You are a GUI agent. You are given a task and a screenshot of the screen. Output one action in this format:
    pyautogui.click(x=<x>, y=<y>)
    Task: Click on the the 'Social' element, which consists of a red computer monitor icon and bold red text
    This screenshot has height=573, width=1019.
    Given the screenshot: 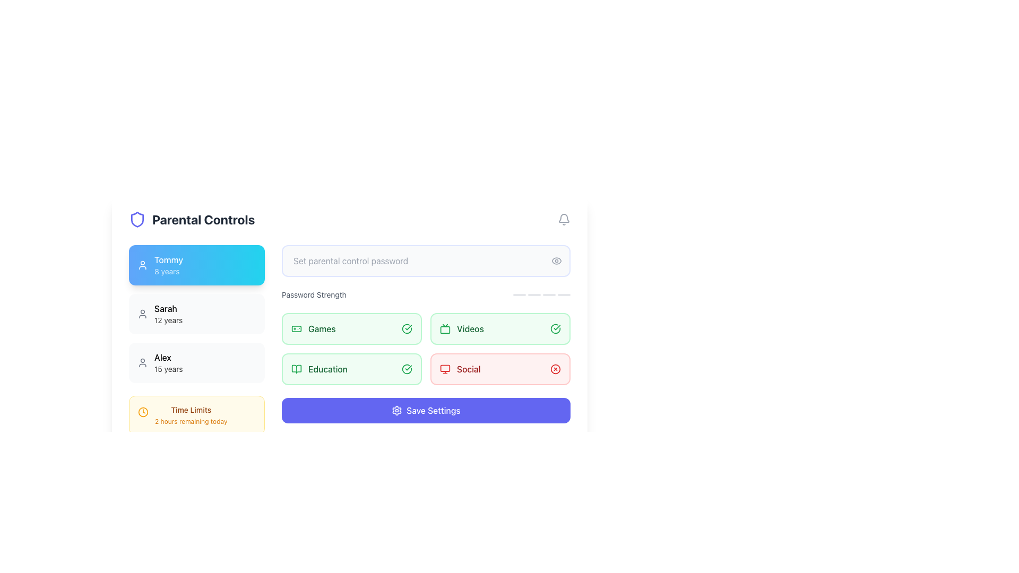 What is the action you would take?
    pyautogui.click(x=460, y=368)
    